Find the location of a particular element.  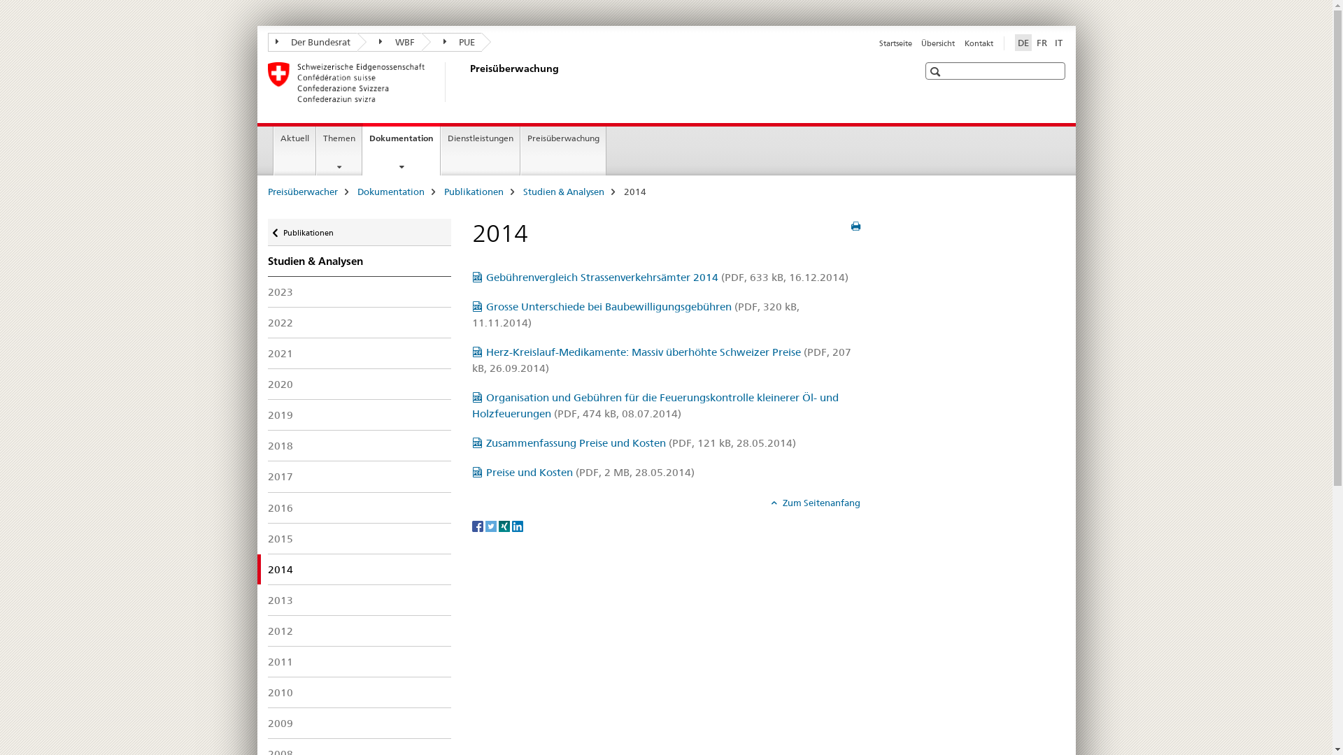

'IT' is located at coordinates (1058, 42).